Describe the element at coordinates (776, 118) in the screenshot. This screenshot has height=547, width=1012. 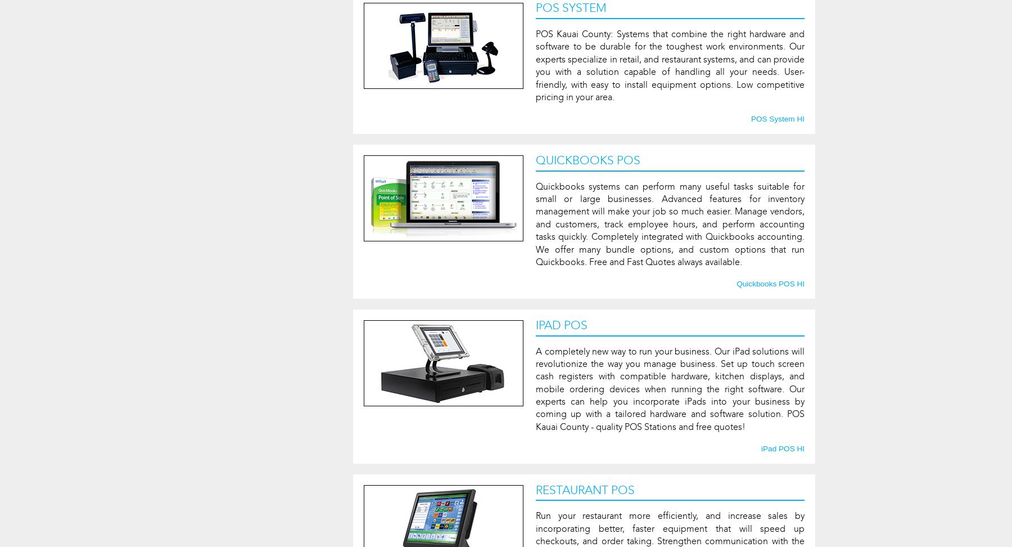
I see `'POS System HI'` at that location.